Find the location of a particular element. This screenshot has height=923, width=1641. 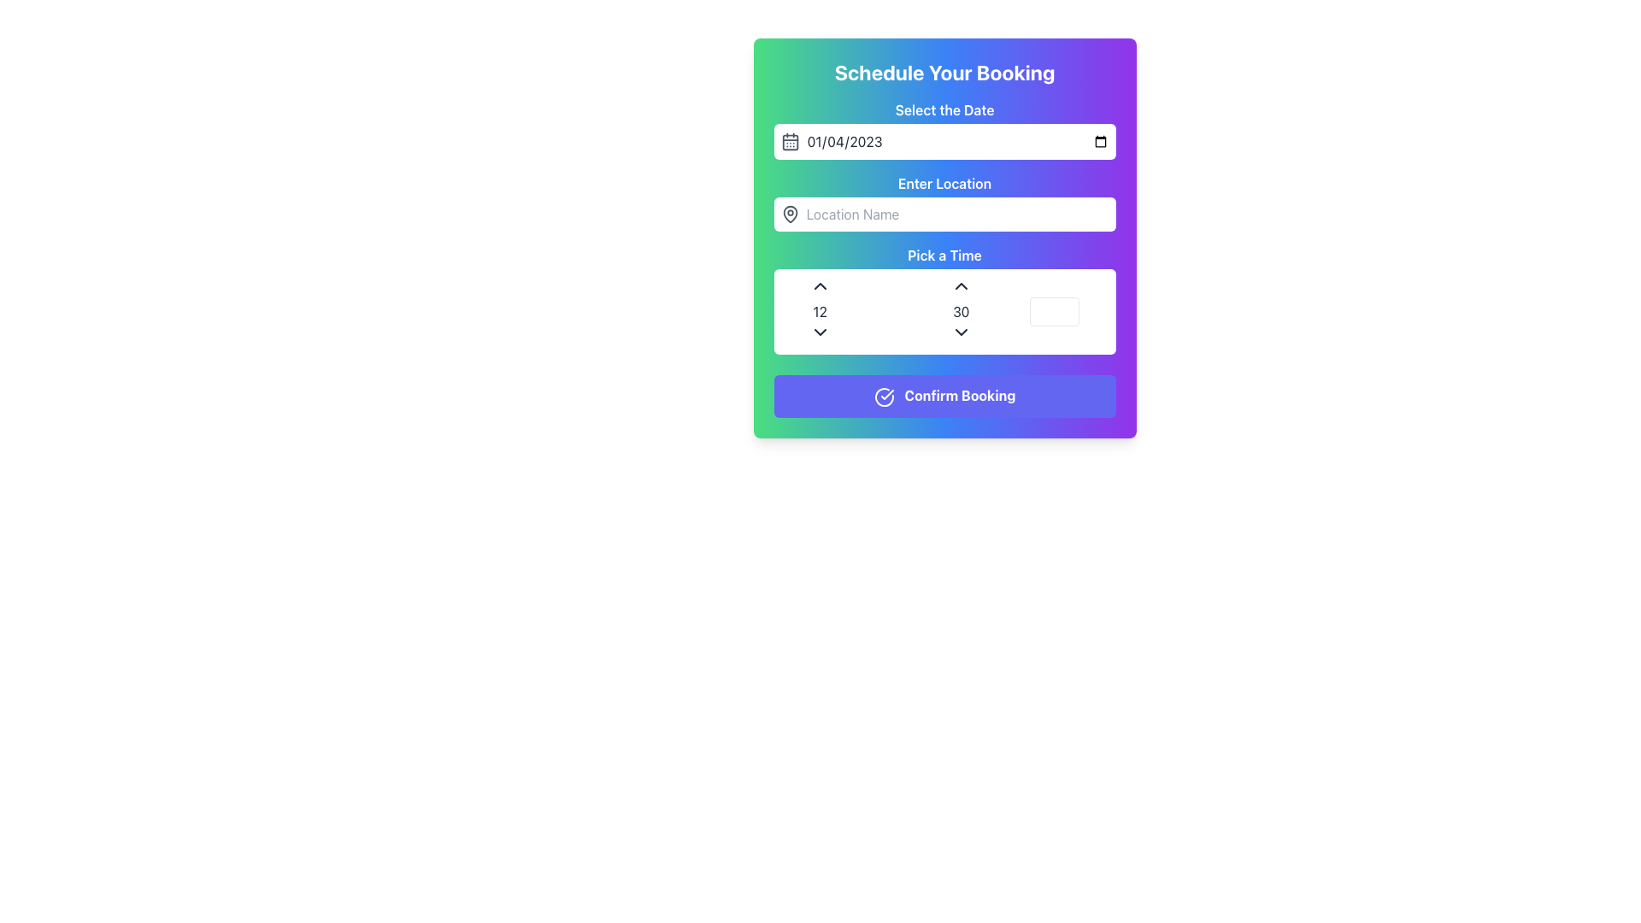

the text input field for location name in the booking form to focus on it is located at coordinates (944, 201).